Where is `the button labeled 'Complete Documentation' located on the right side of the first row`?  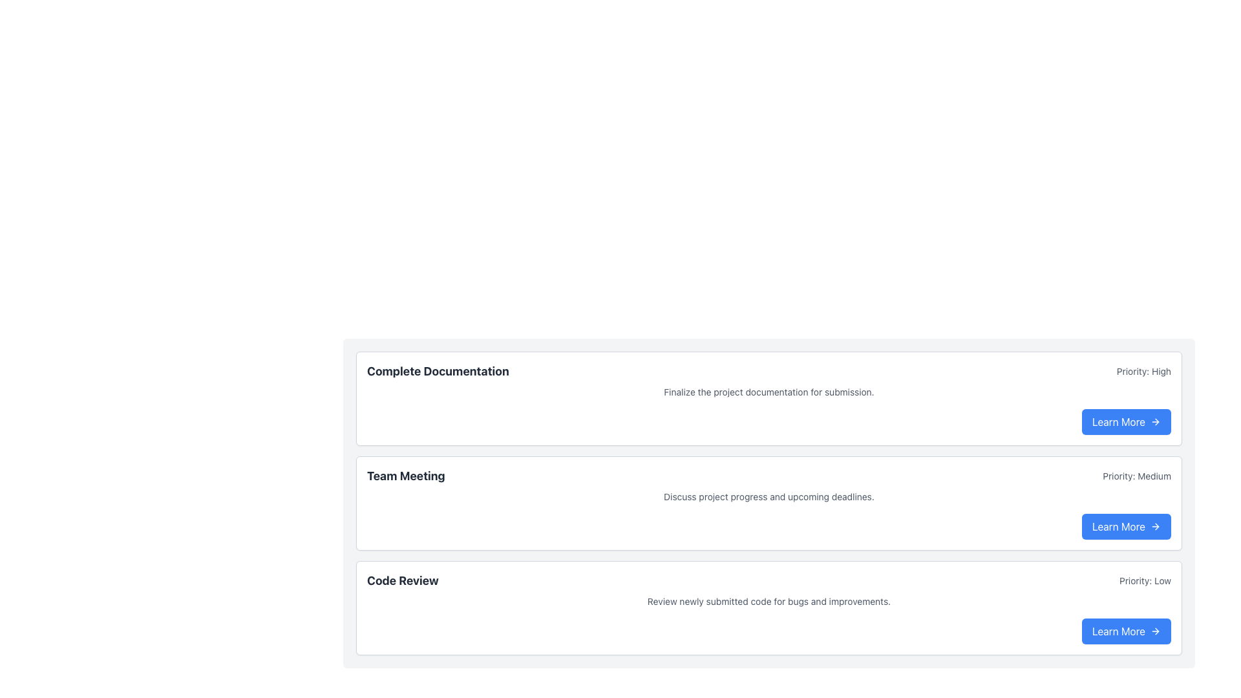 the button labeled 'Complete Documentation' located on the right side of the first row is located at coordinates (1118, 421).